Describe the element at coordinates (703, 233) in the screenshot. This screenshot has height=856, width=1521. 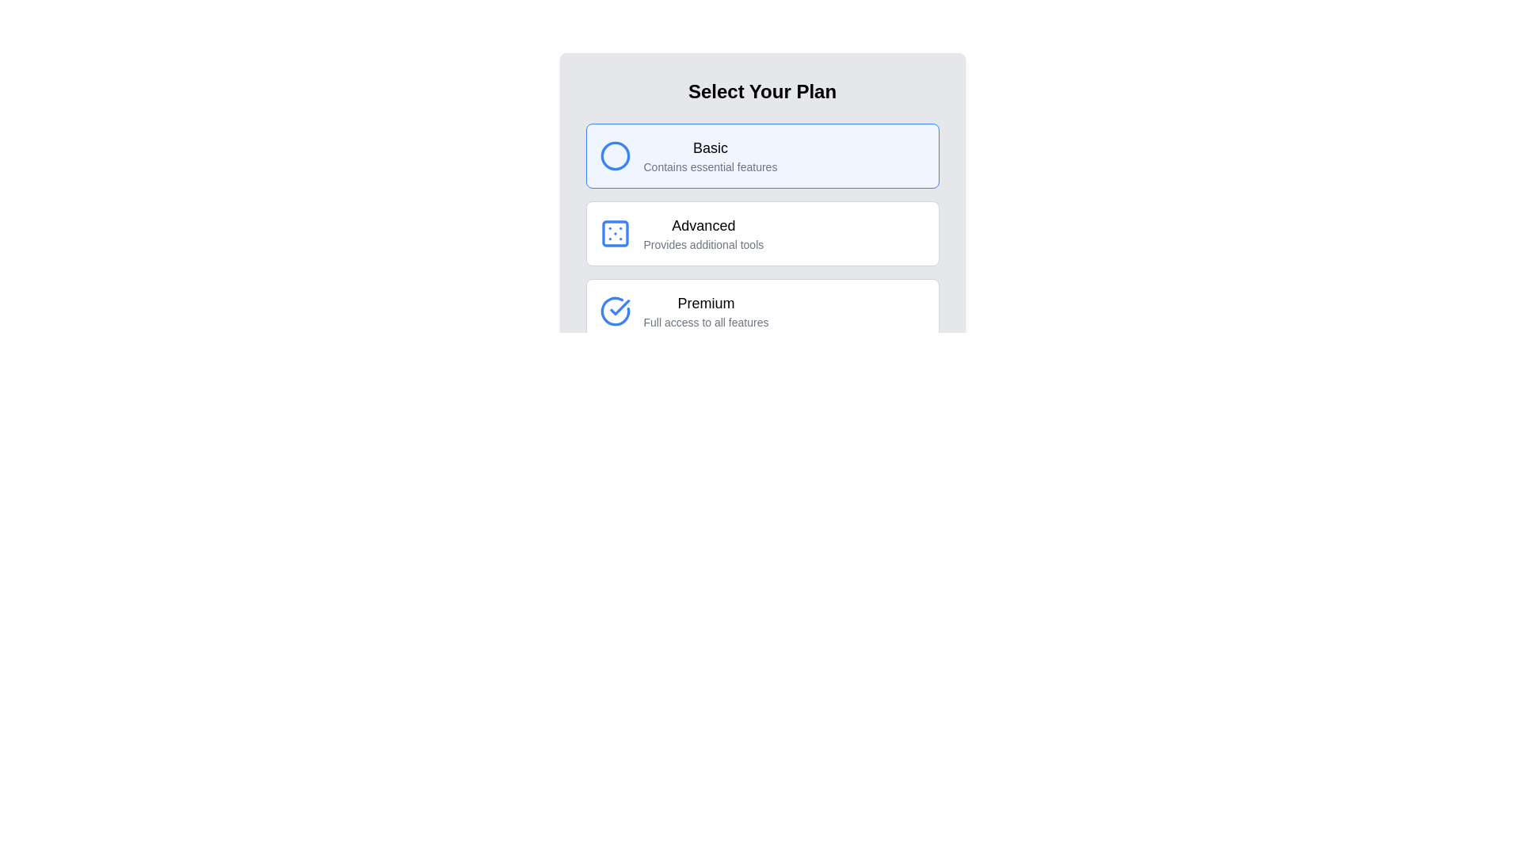
I see `the 'Advanced' option in the second card of the selection interface` at that location.